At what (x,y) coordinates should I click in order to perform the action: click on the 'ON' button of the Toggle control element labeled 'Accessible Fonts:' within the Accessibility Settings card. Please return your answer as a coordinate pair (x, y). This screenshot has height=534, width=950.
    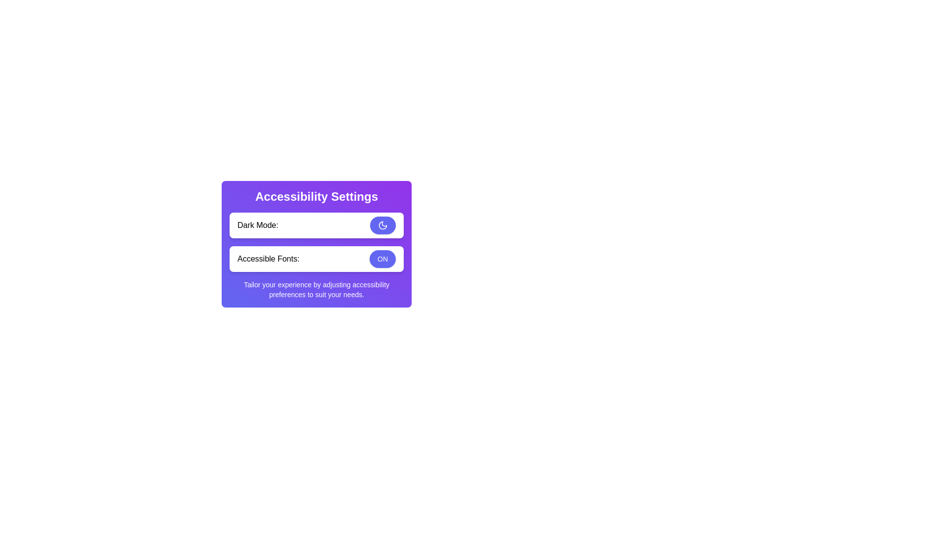
    Looking at the image, I should click on (316, 259).